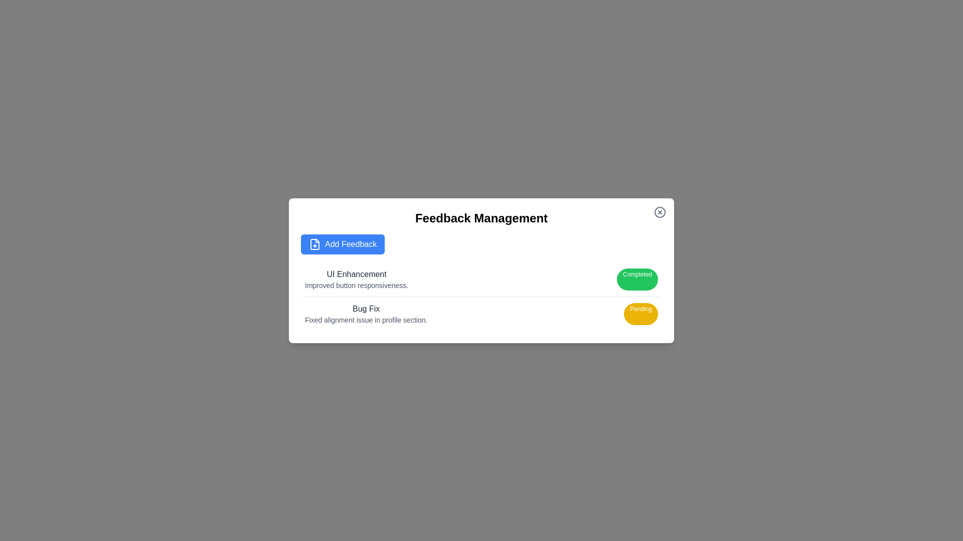 The width and height of the screenshot is (963, 541). Describe the element at coordinates (366, 308) in the screenshot. I see `the static text label reading 'Bug Fix' which is styled in medium font weight and gray color, positioned above a smaller descriptive text about the bug fix` at that location.